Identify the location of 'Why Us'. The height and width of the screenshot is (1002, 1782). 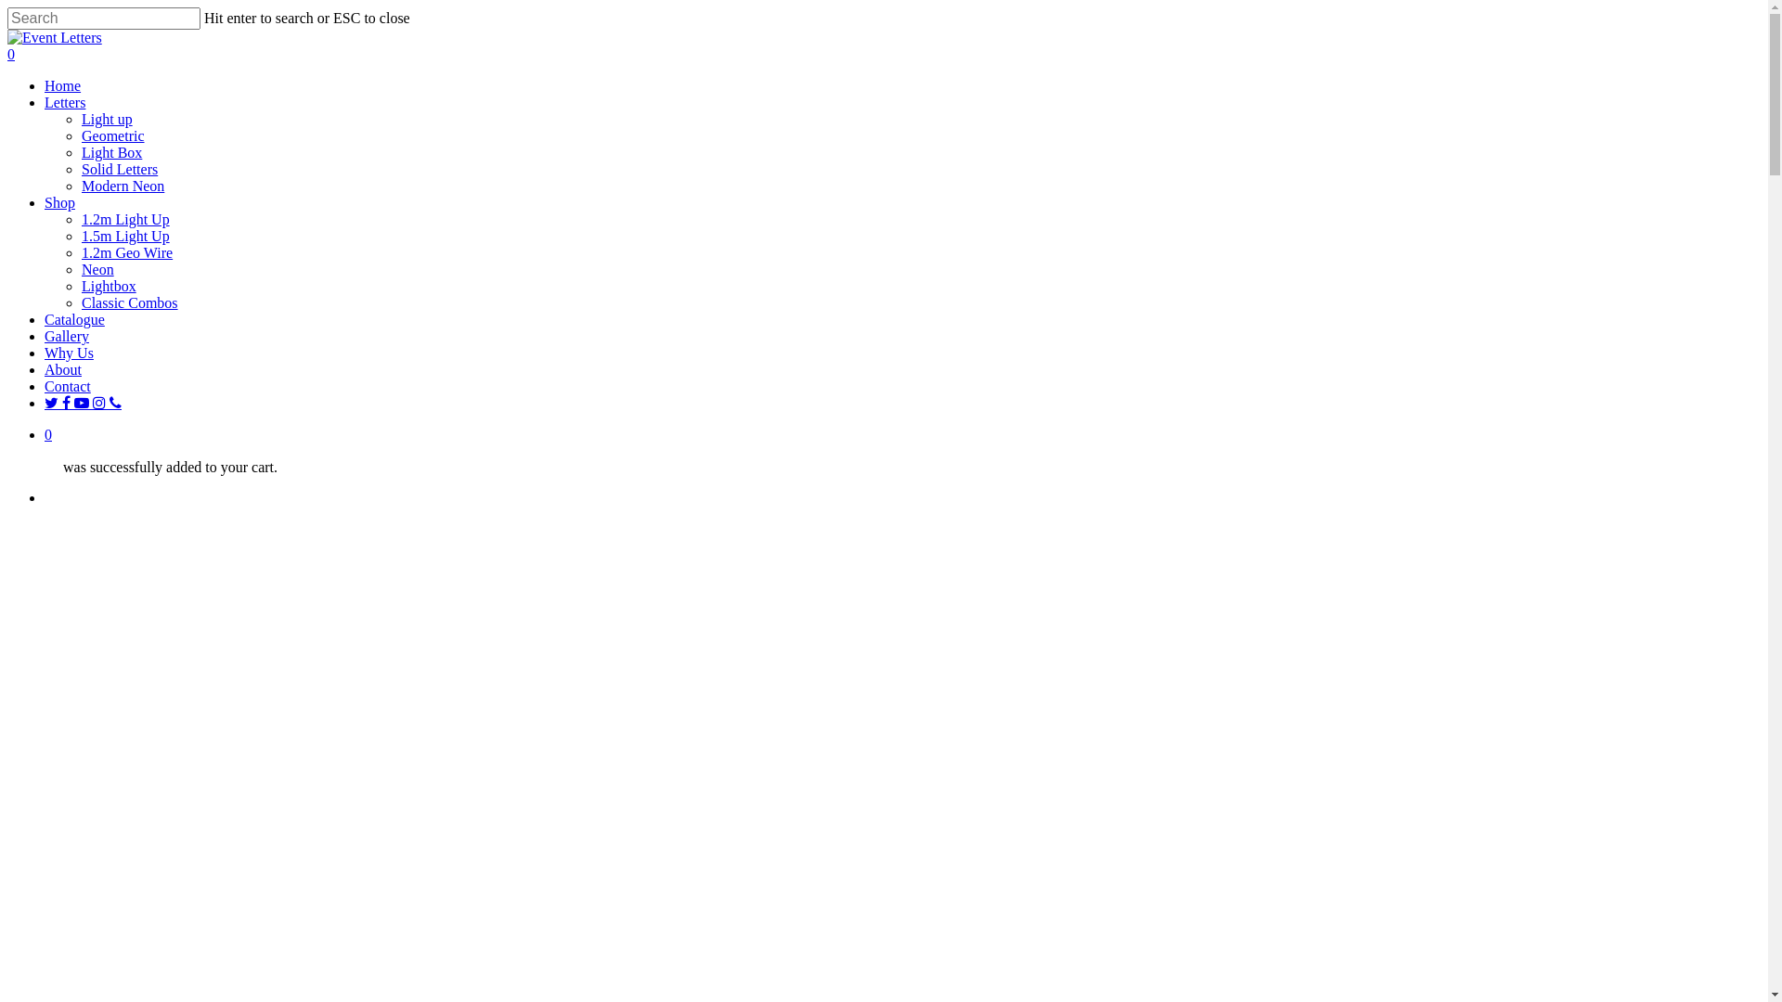
(69, 353).